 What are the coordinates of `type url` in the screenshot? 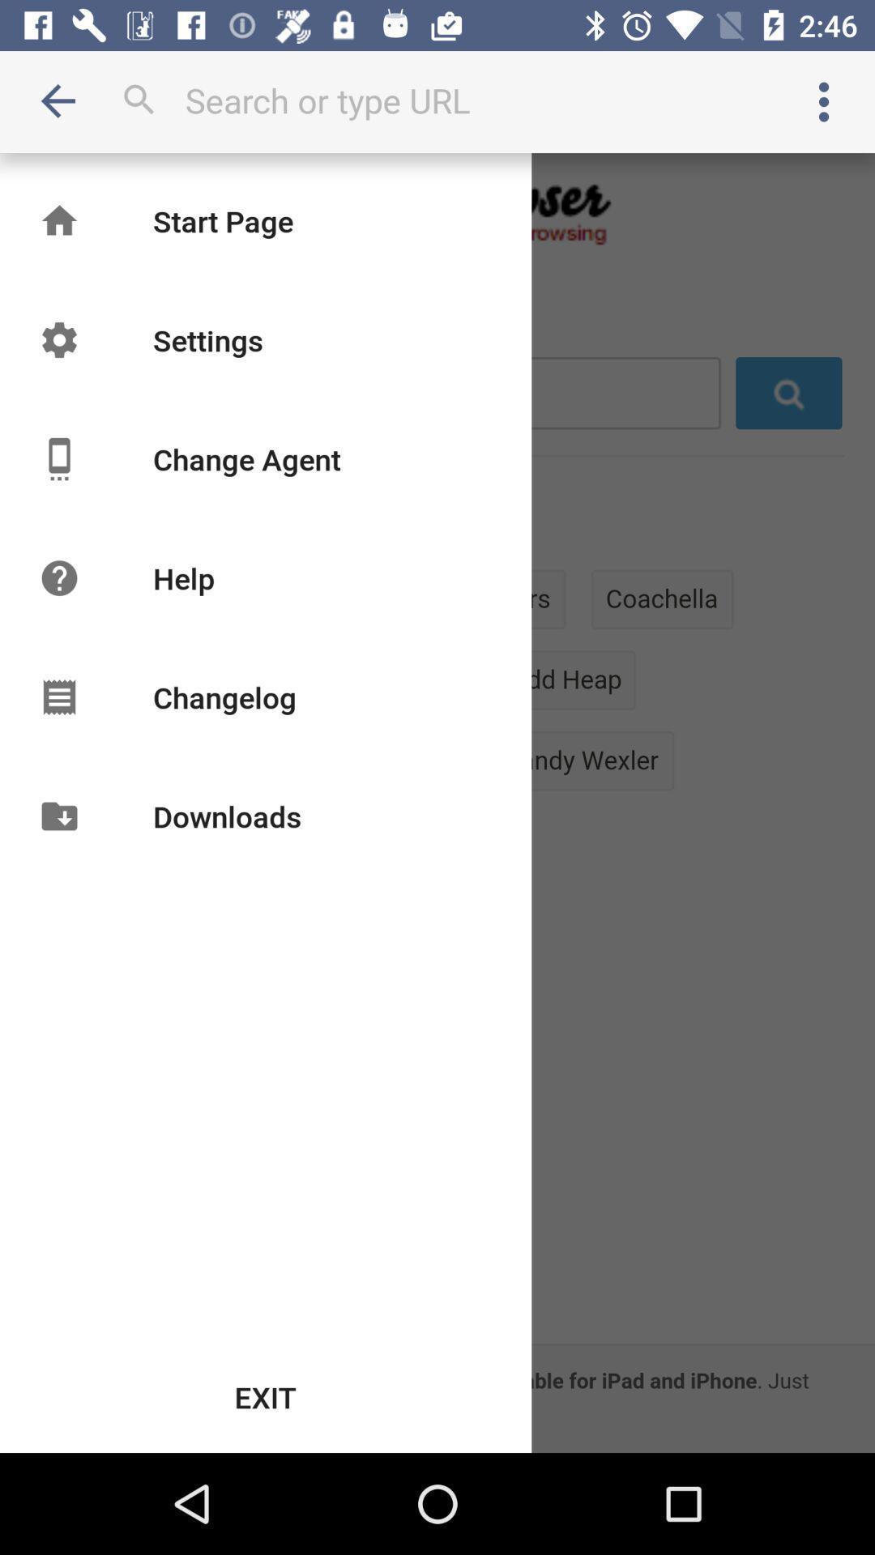 It's located at (437, 100).